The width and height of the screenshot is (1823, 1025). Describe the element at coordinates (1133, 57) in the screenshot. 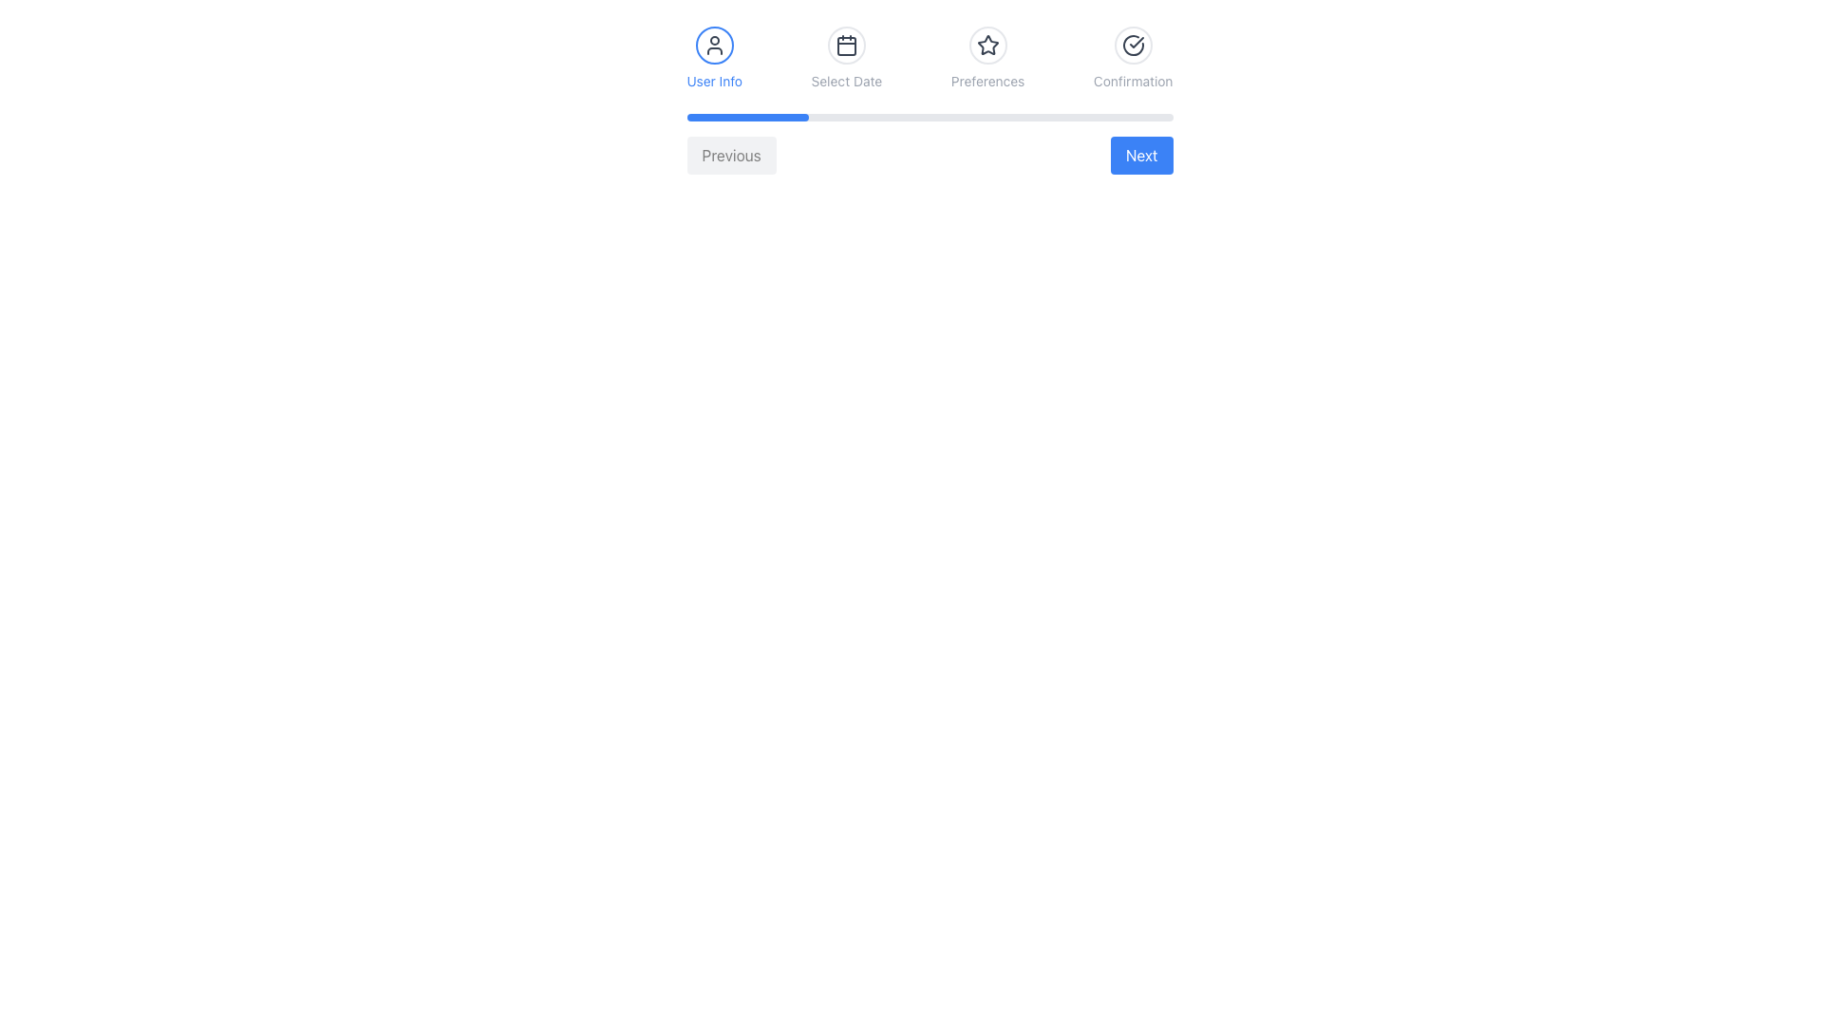

I see `label of the 'Confirmation' step indicator, which is the fourth item in the horizontal sequence at the top of the interface` at that location.